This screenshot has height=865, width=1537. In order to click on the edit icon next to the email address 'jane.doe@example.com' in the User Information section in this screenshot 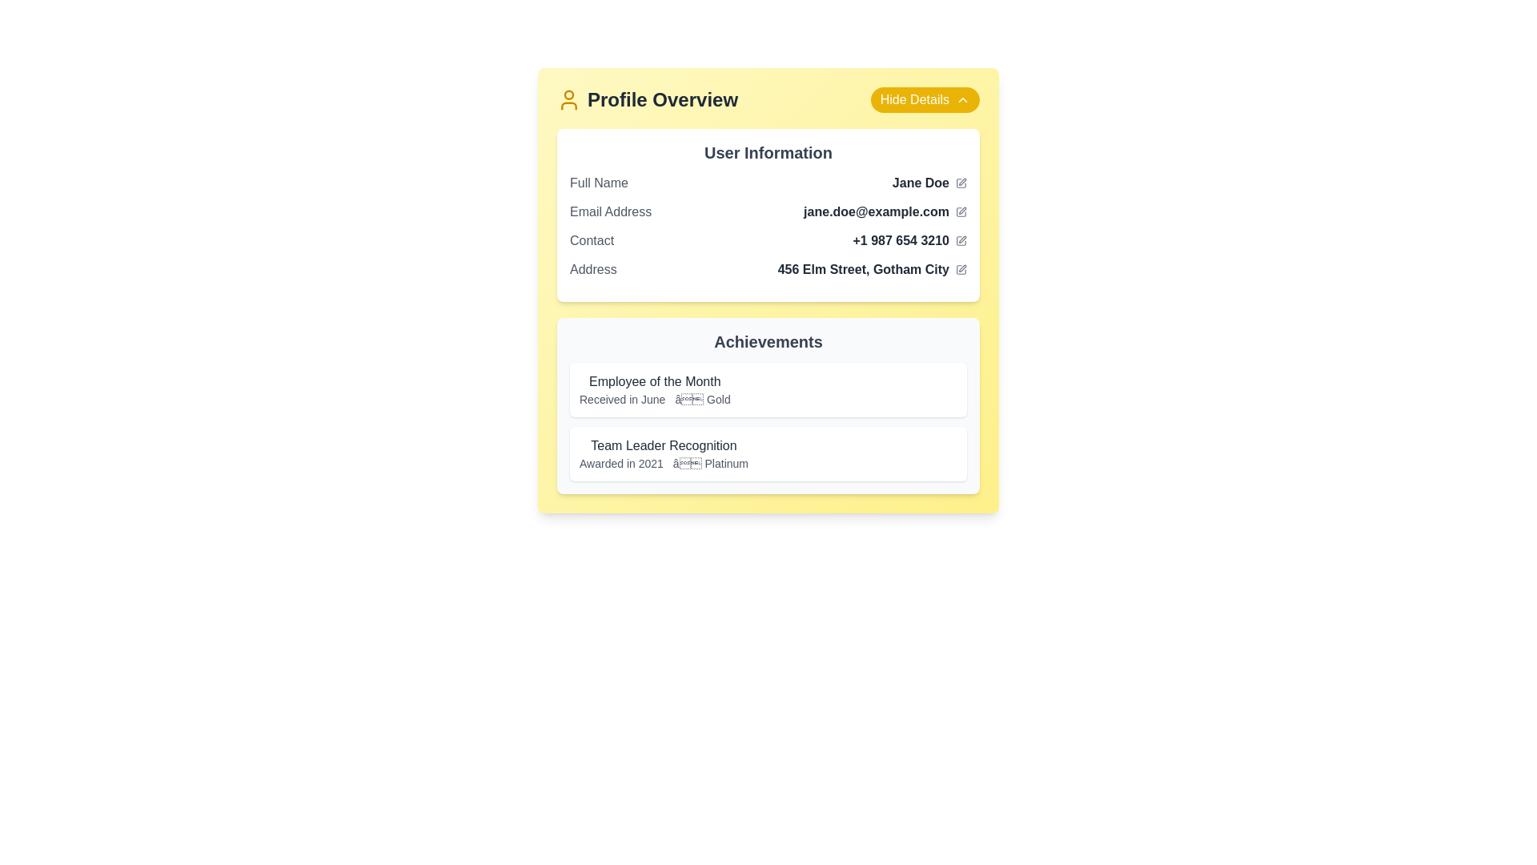, I will do `click(885, 211)`.